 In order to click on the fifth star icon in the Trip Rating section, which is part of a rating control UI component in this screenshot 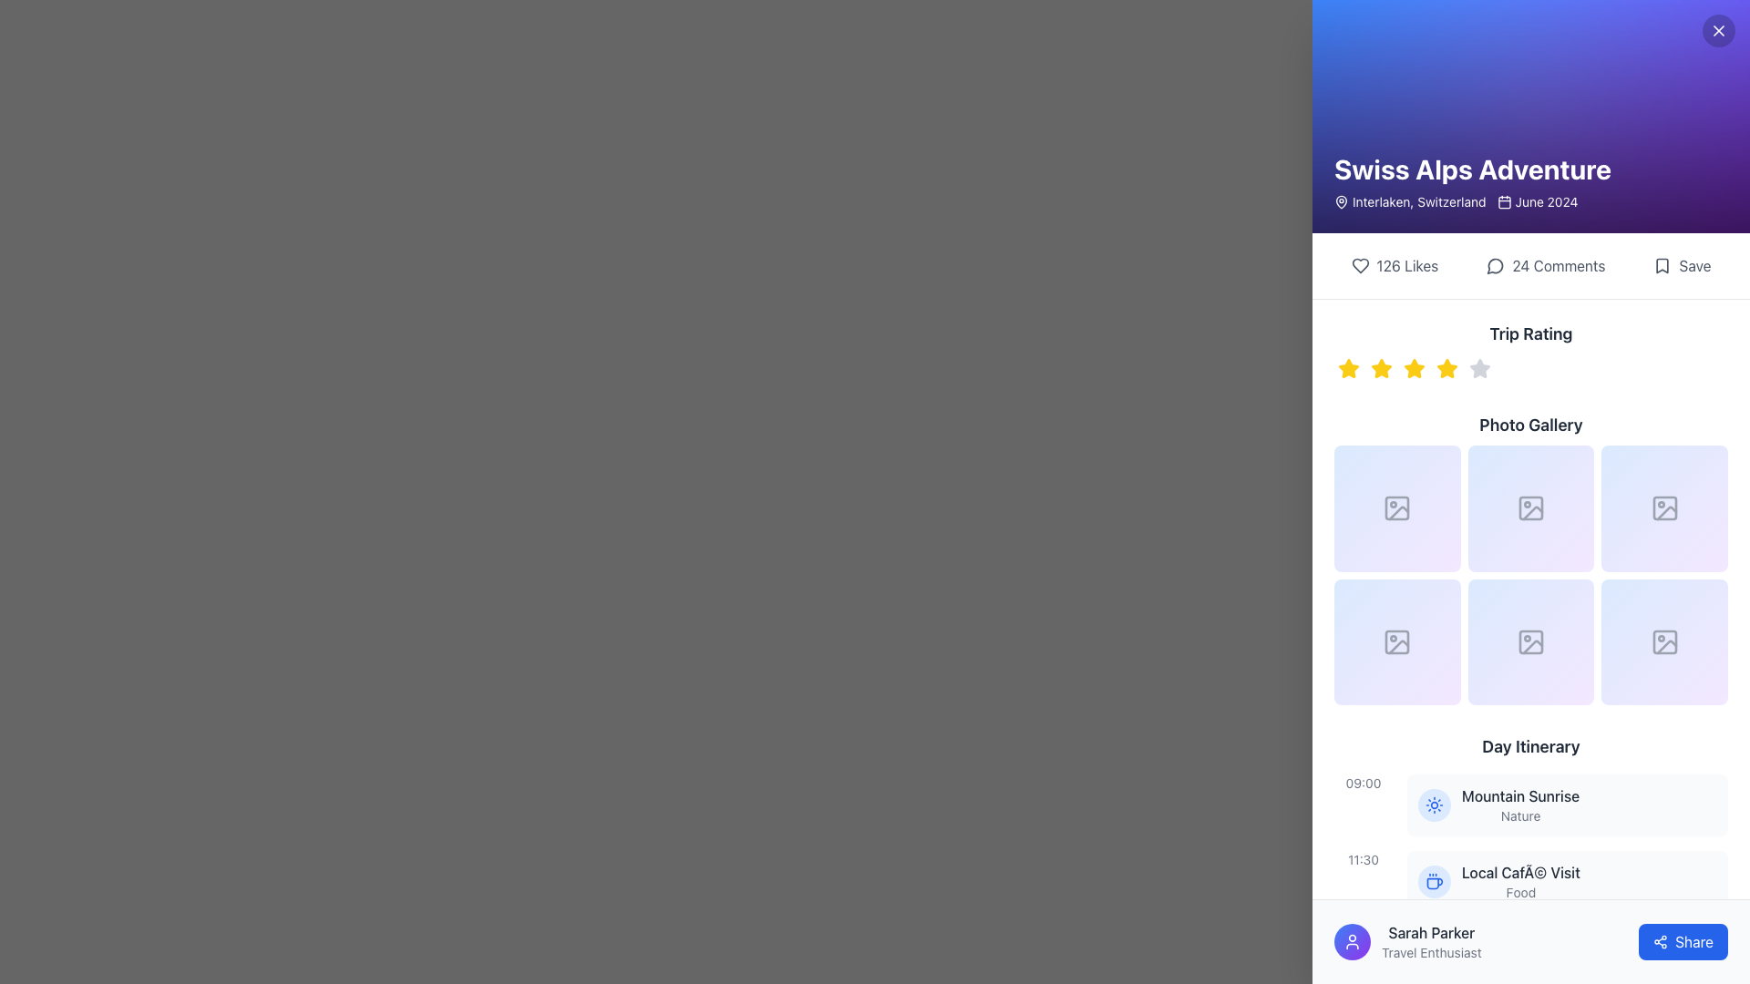, I will do `click(1479, 368)`.